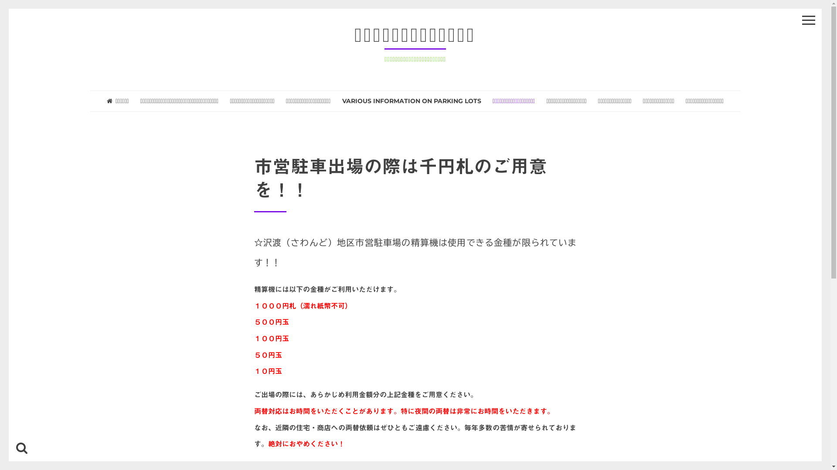 This screenshot has width=837, height=470. I want to click on 'VARIOUS INFORMATION ON PARKING LOTS', so click(411, 100).